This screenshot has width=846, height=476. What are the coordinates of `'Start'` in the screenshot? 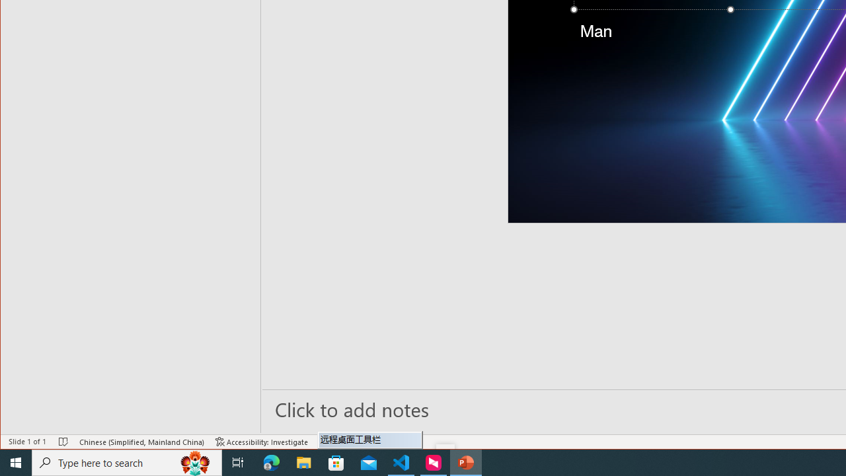 It's located at (16, 461).